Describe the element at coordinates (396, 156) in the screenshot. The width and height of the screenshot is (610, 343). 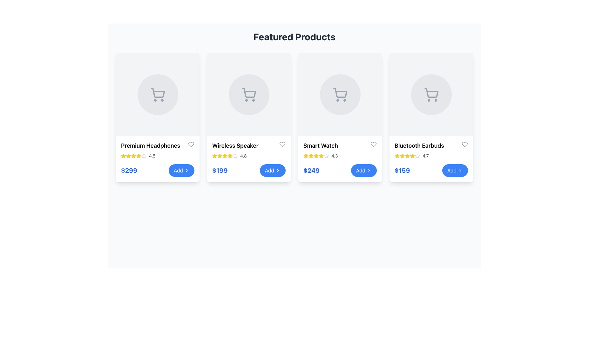
I see `the appearance of the first filled star icon in the star rating system for the 'Bluetooth Earbuds' product card, located under the product name and above the price label` at that location.